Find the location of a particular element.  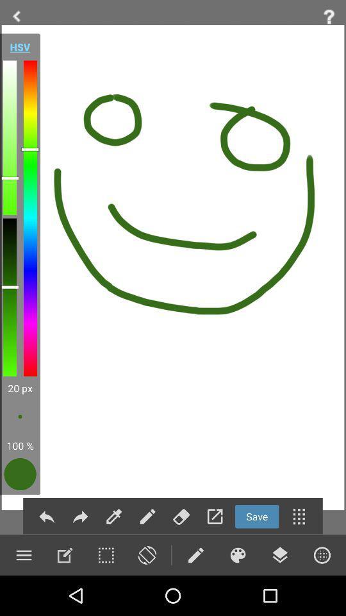

go back is located at coordinates (46, 517).